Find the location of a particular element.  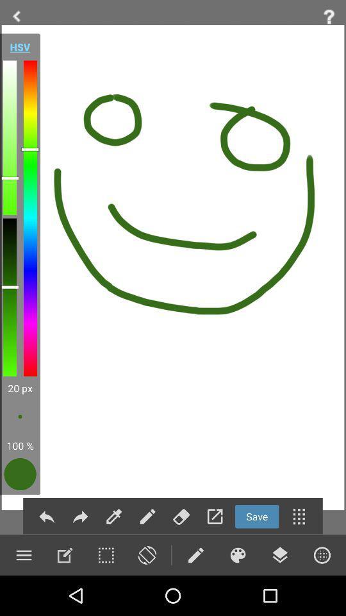

go back is located at coordinates (46, 517).